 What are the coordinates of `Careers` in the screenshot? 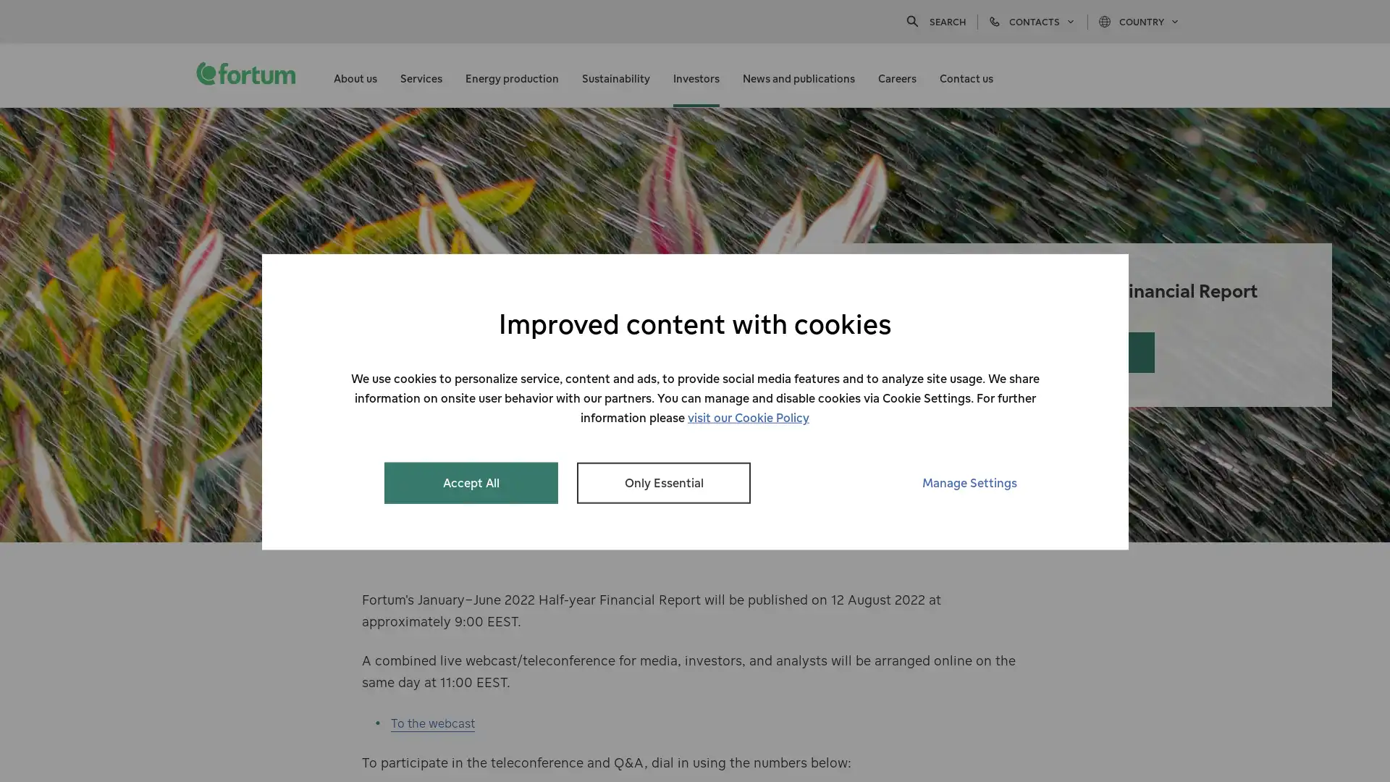 It's located at (896, 75).